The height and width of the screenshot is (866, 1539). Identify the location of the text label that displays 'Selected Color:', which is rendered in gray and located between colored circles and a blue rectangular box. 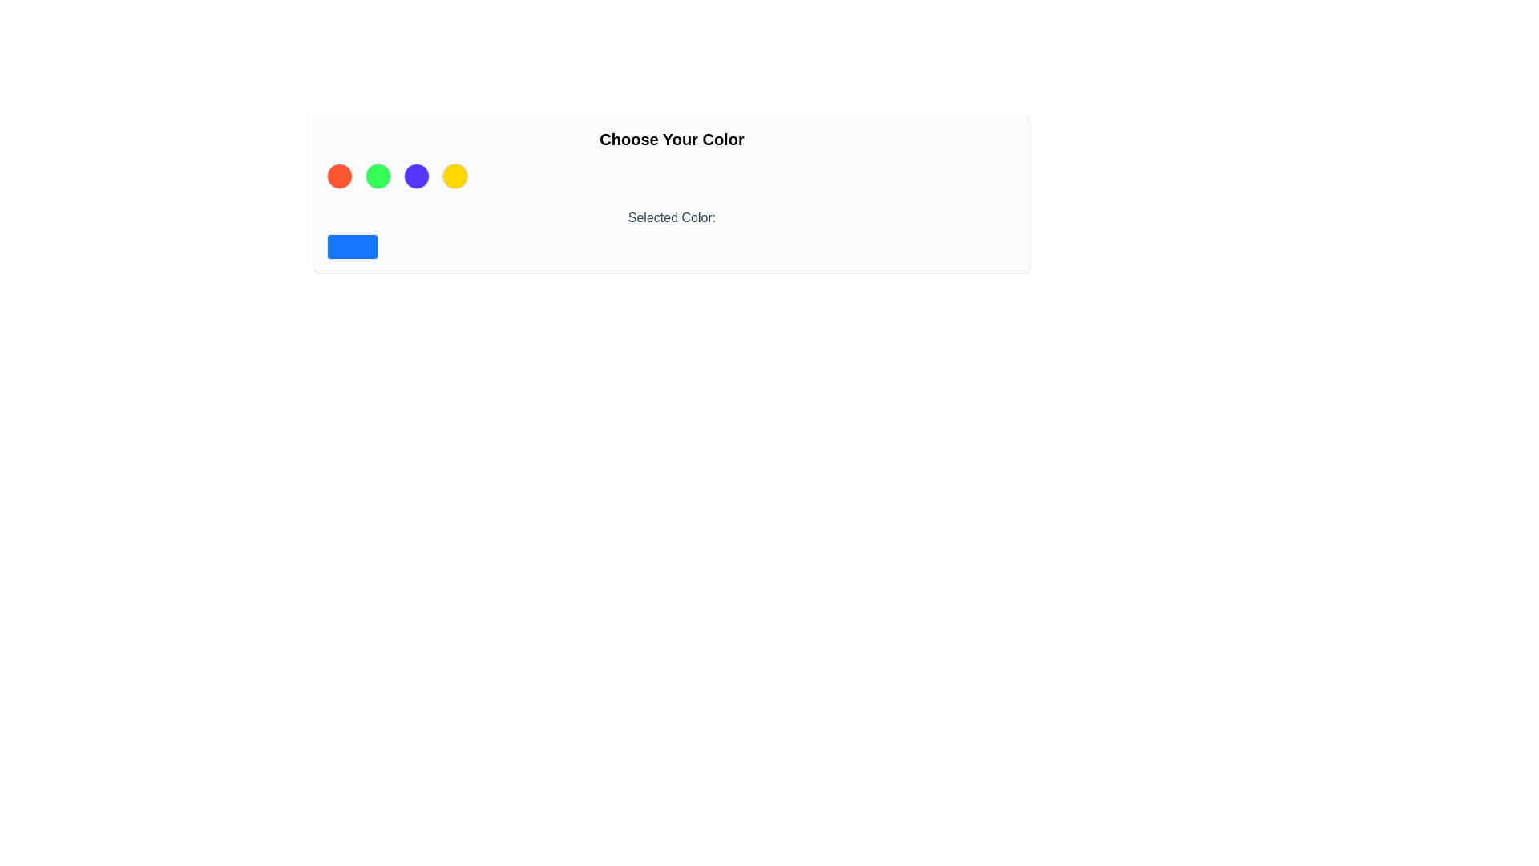
(672, 218).